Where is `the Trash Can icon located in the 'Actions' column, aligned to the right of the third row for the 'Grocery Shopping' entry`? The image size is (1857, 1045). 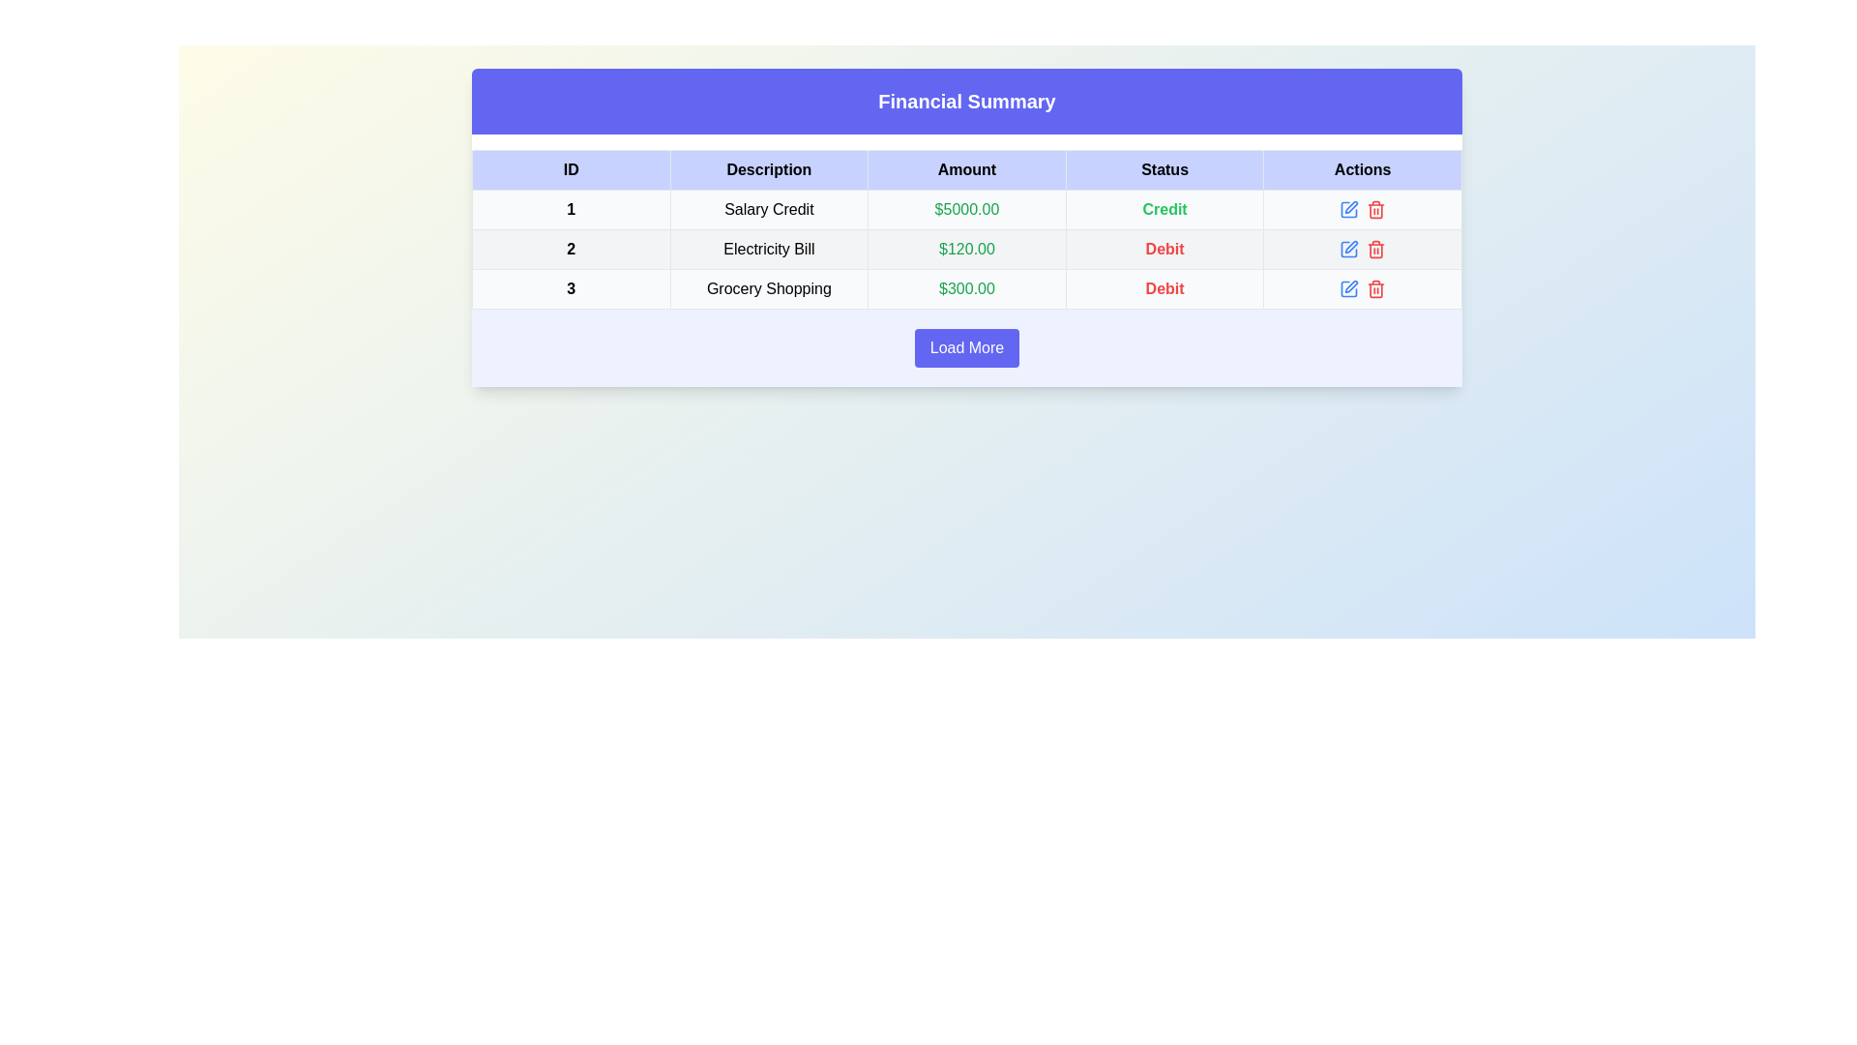
the Trash Can icon located in the 'Actions' column, aligned to the right of the third row for the 'Grocery Shopping' entry is located at coordinates (1375, 250).